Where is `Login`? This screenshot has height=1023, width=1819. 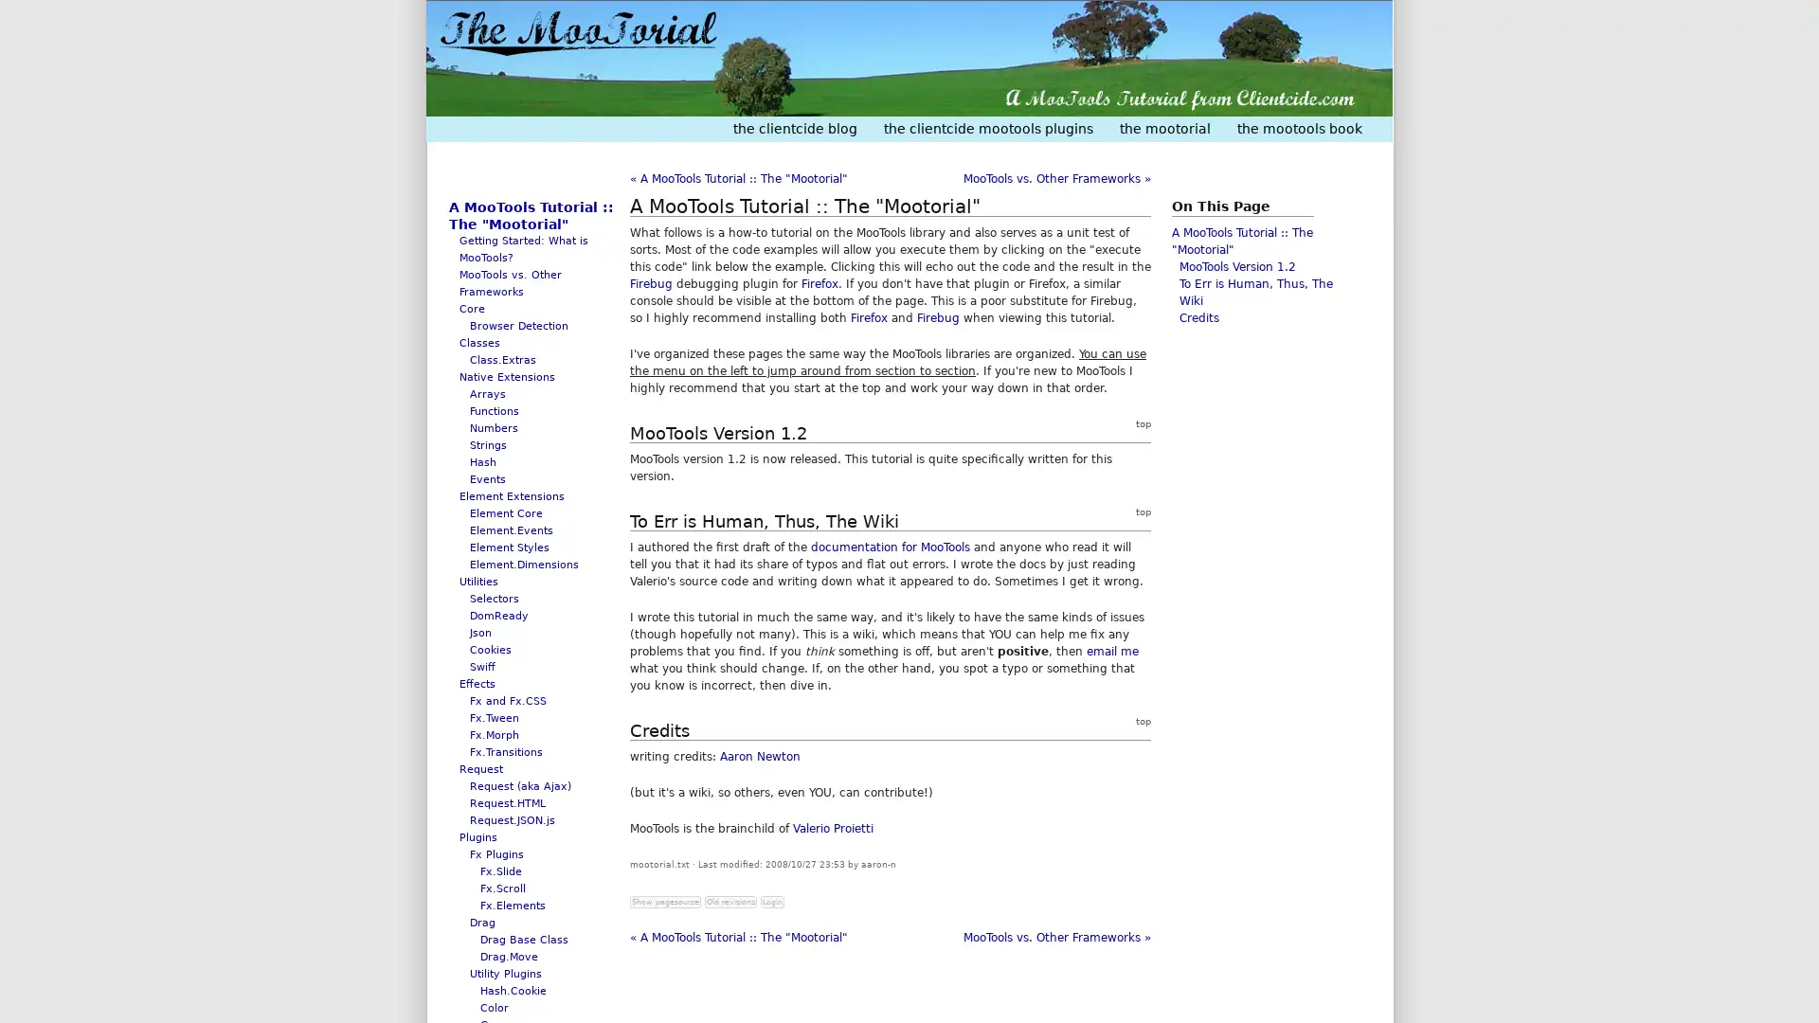
Login is located at coordinates (772, 901).